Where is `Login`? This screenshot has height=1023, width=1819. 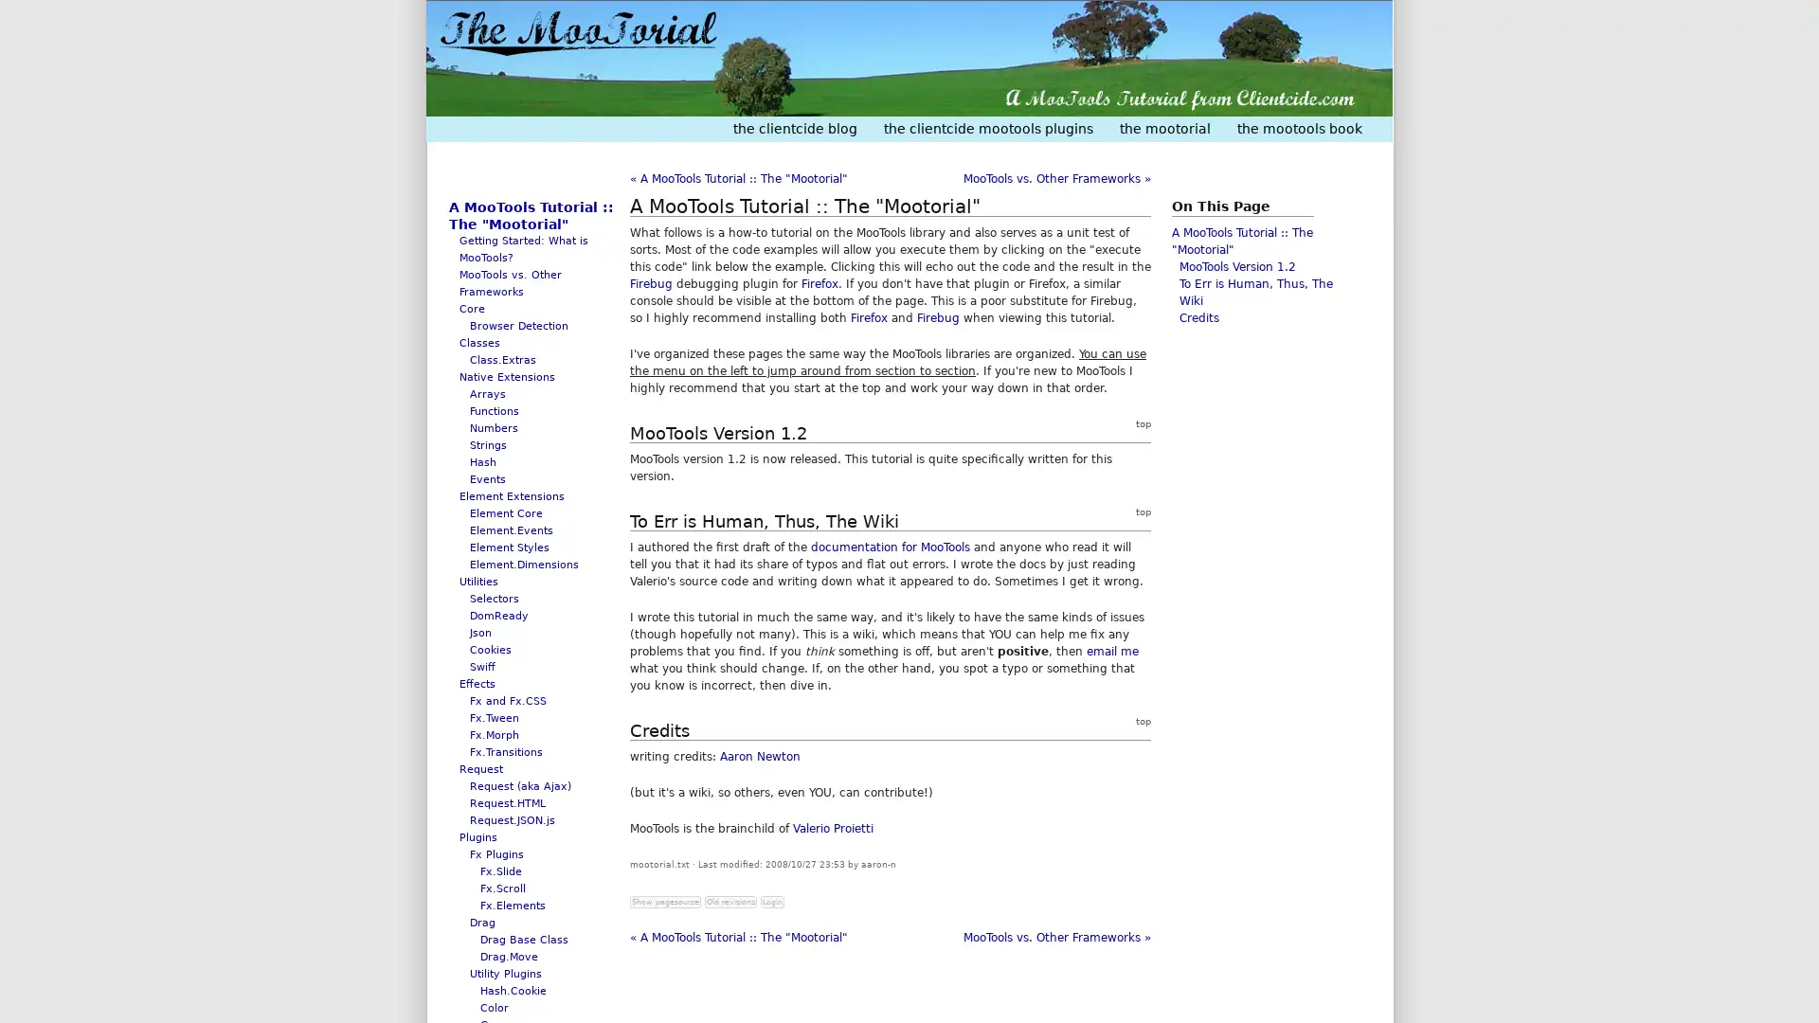
Login is located at coordinates (772, 901).